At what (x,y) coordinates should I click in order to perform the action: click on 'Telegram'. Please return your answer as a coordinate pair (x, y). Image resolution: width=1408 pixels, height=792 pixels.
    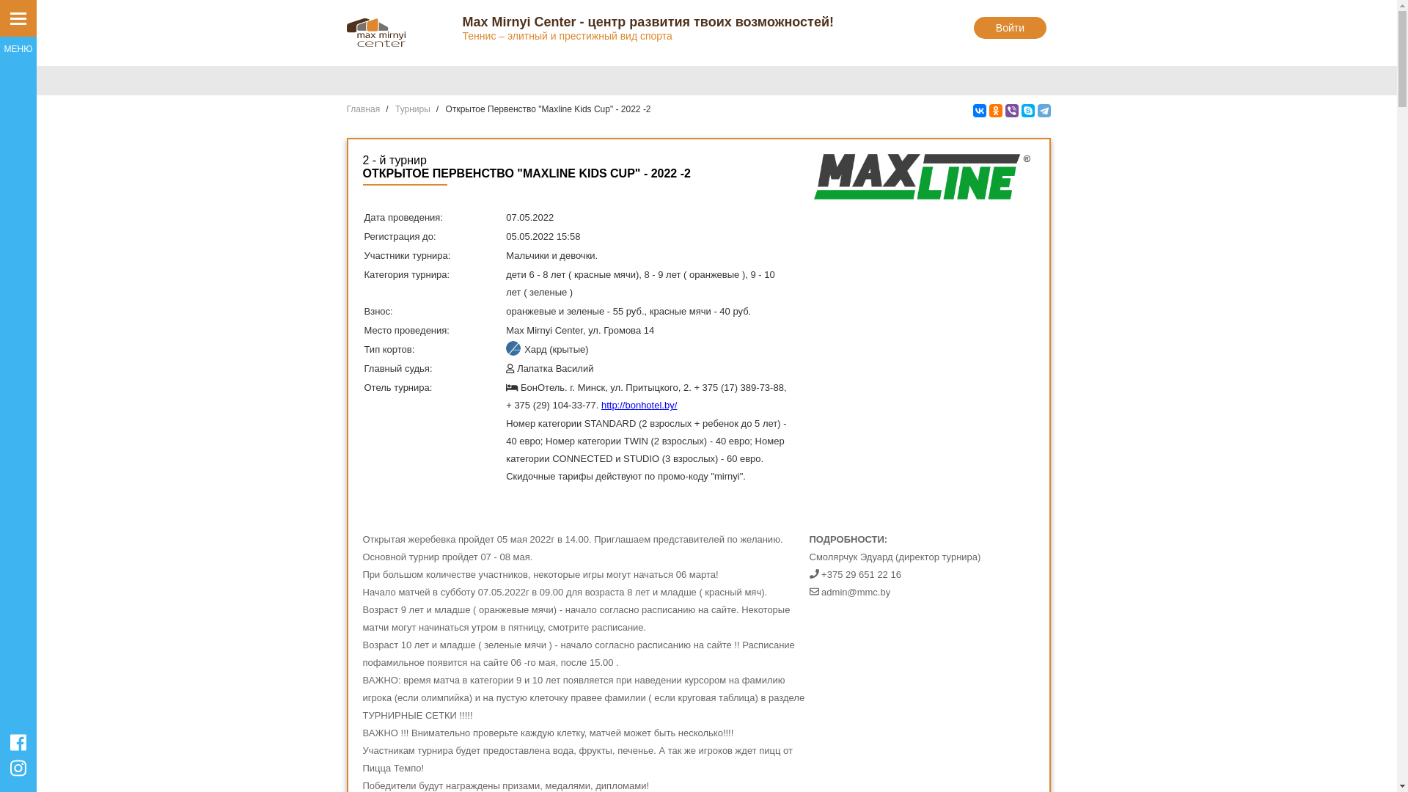
    Looking at the image, I should click on (1042, 109).